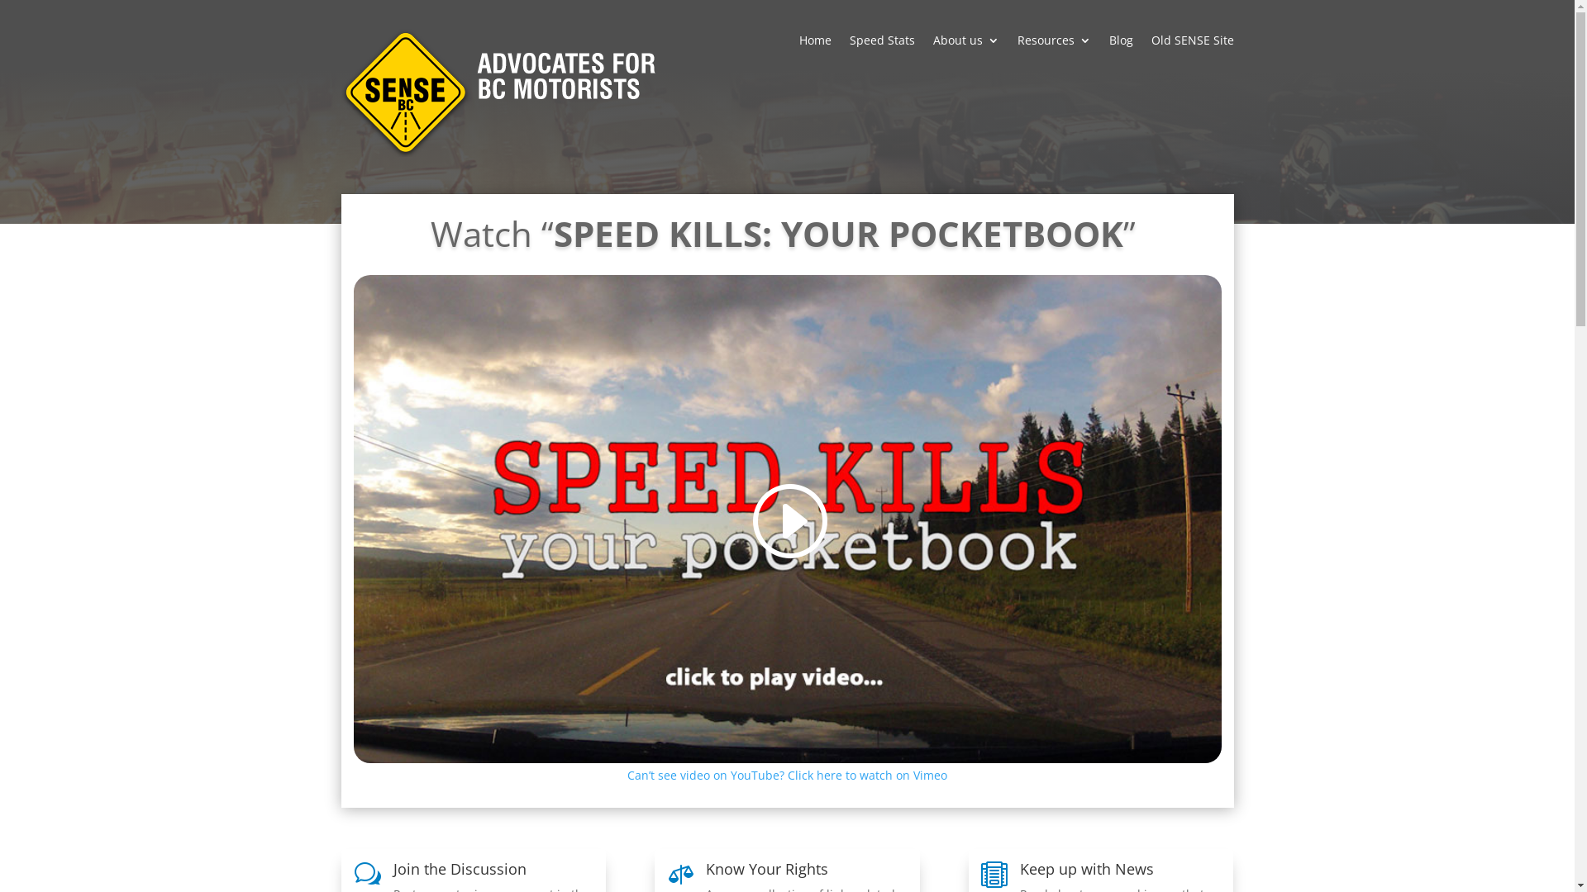 This screenshot has height=892, width=1587. I want to click on 'Old SENSE Site', so click(1191, 51).